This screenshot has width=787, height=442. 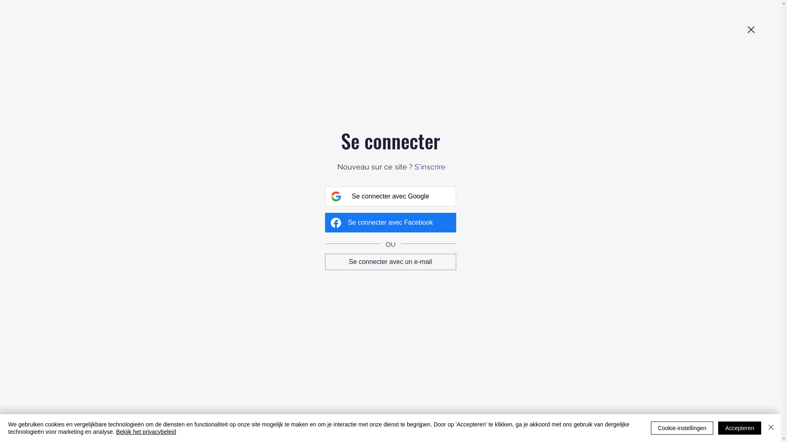 I want to click on 'Accepteren', so click(x=739, y=427).